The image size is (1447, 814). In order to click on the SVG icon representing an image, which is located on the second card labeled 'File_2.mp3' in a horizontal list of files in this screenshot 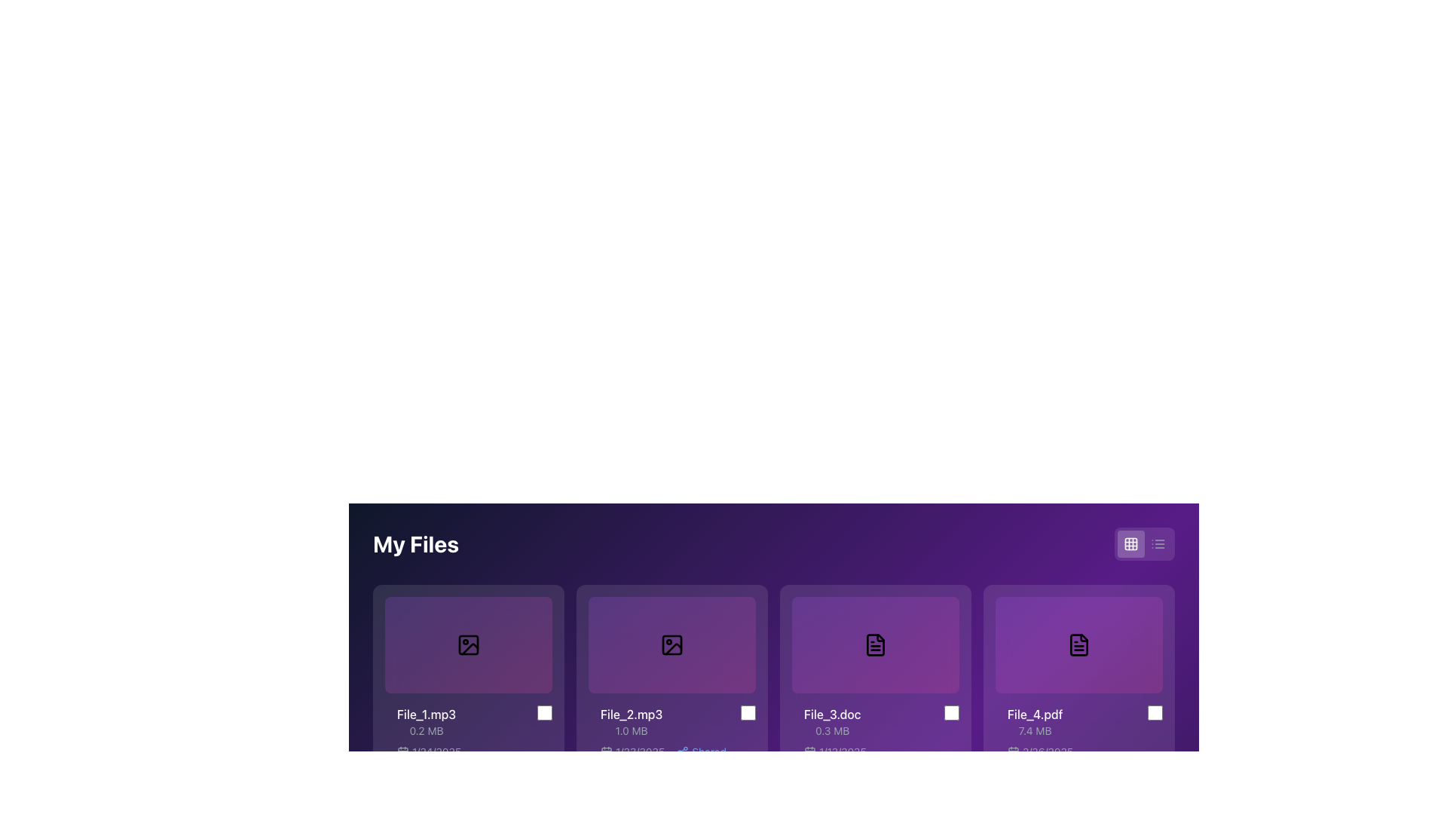, I will do `click(671, 644)`.